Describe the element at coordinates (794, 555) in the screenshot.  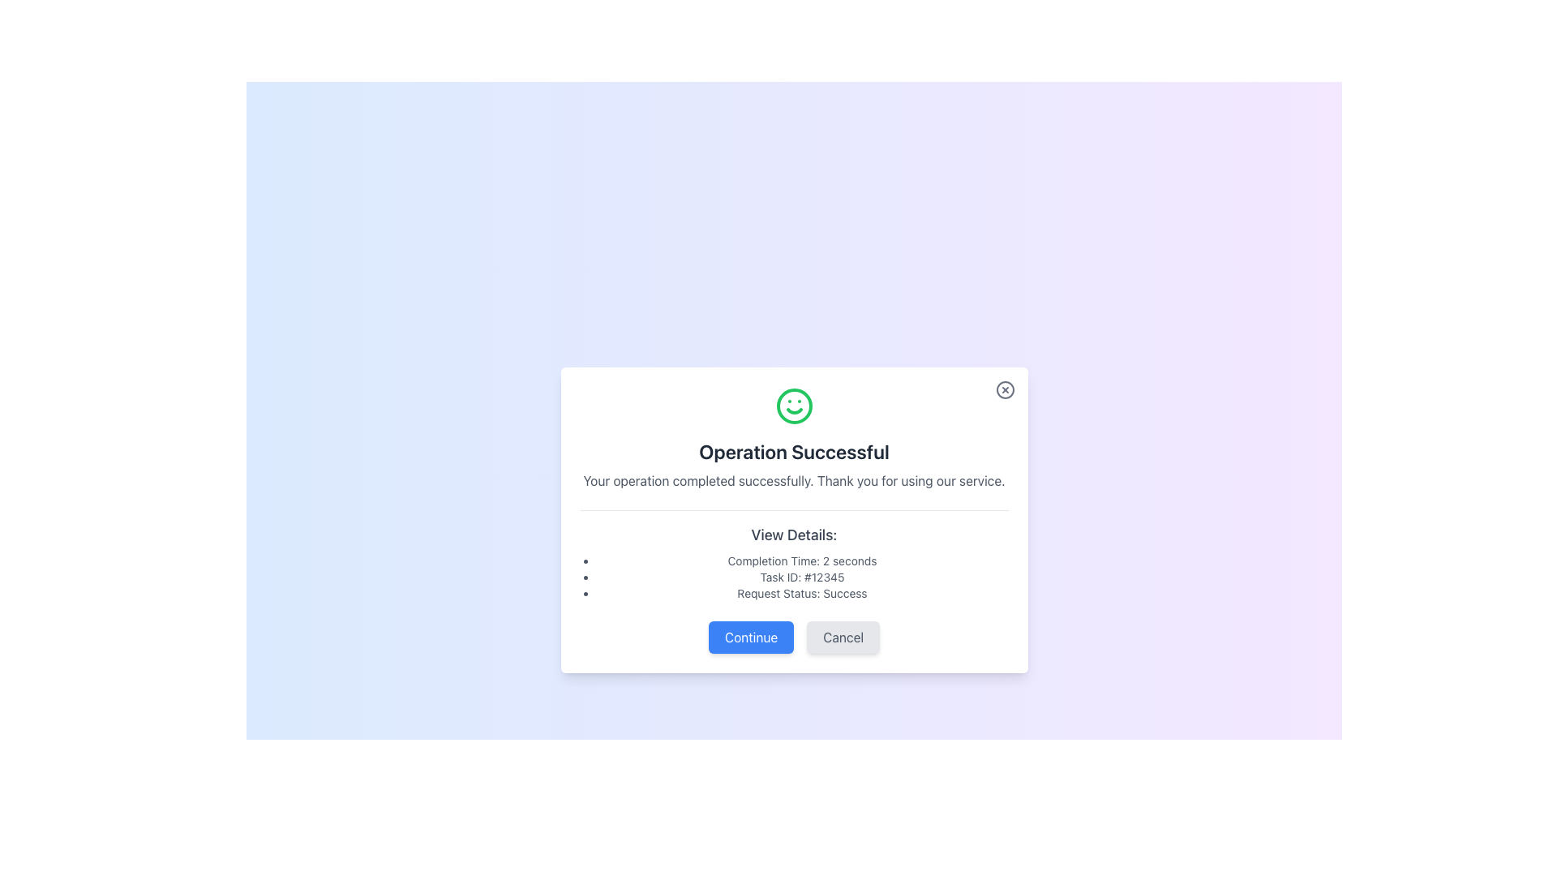
I see `information displayed in the textual display area of the 'Operation Successful' dialog box, located below the success message and above the action buttons` at that location.